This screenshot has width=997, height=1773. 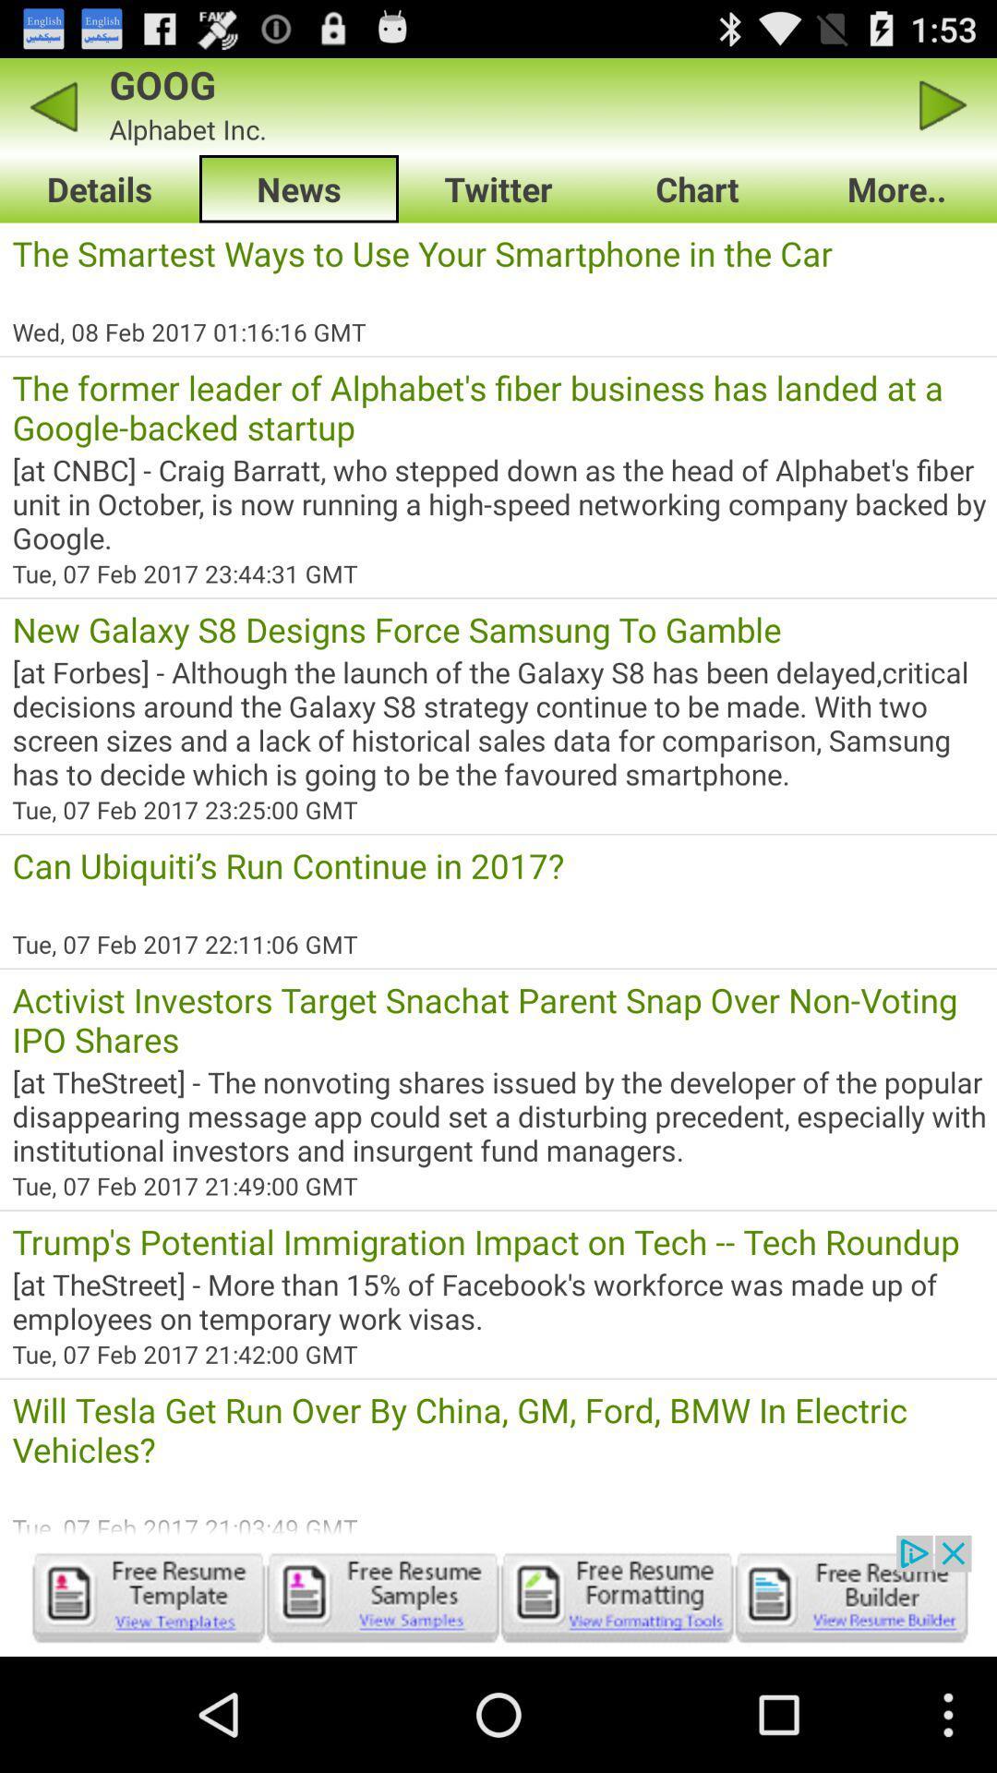 What do you see at coordinates (52, 113) in the screenshot?
I see `the arrow_backward icon` at bounding box center [52, 113].